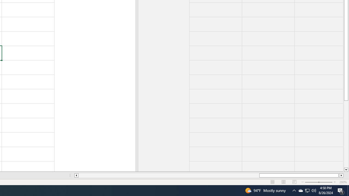  I want to click on 'Column right', so click(341, 175).